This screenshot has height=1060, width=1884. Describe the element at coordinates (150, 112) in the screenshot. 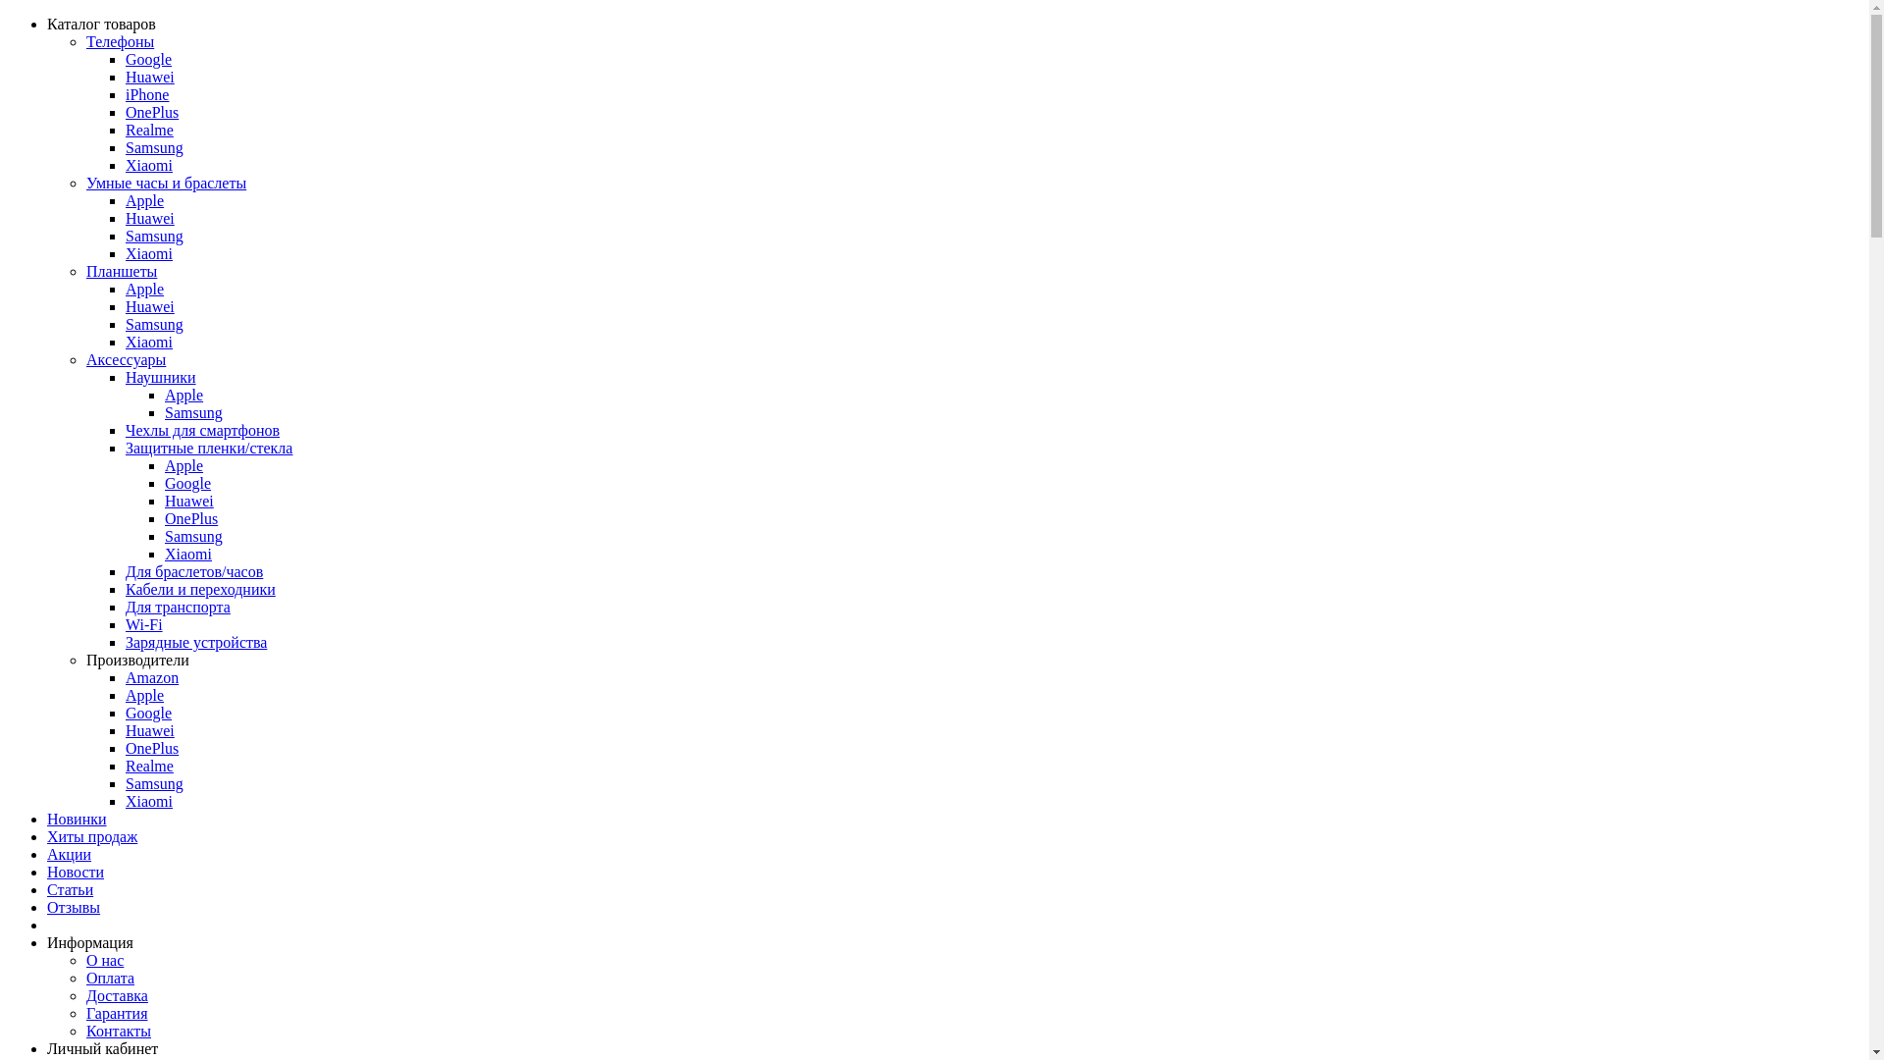

I see `'OnePlus'` at that location.